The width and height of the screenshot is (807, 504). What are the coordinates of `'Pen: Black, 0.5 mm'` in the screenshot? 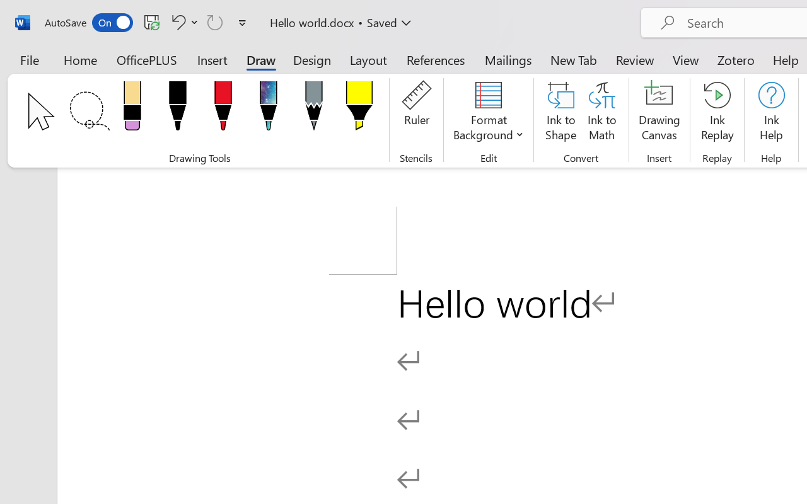 It's located at (177, 109).